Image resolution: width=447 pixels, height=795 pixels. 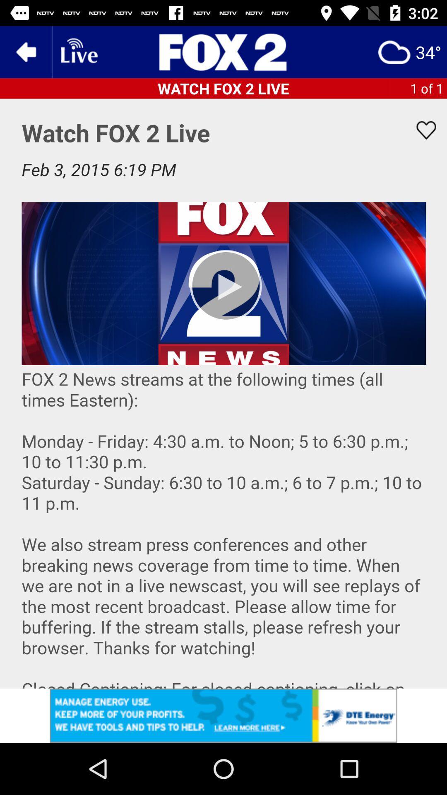 What do you see at coordinates (78, 51) in the screenshot?
I see `get live updates from the news` at bounding box center [78, 51].